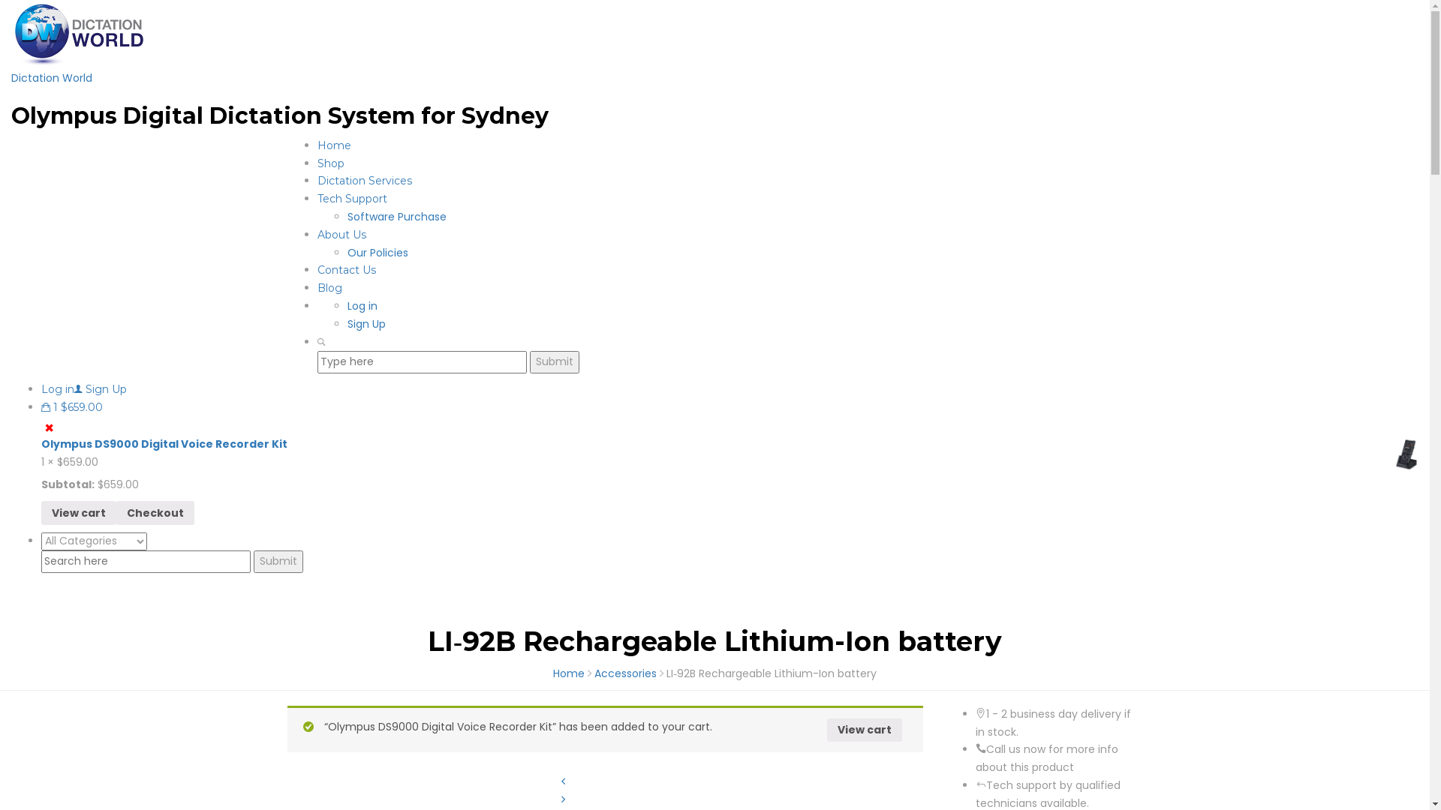 This screenshot has width=1441, height=810. What do you see at coordinates (328, 288) in the screenshot?
I see `'Blog'` at bounding box center [328, 288].